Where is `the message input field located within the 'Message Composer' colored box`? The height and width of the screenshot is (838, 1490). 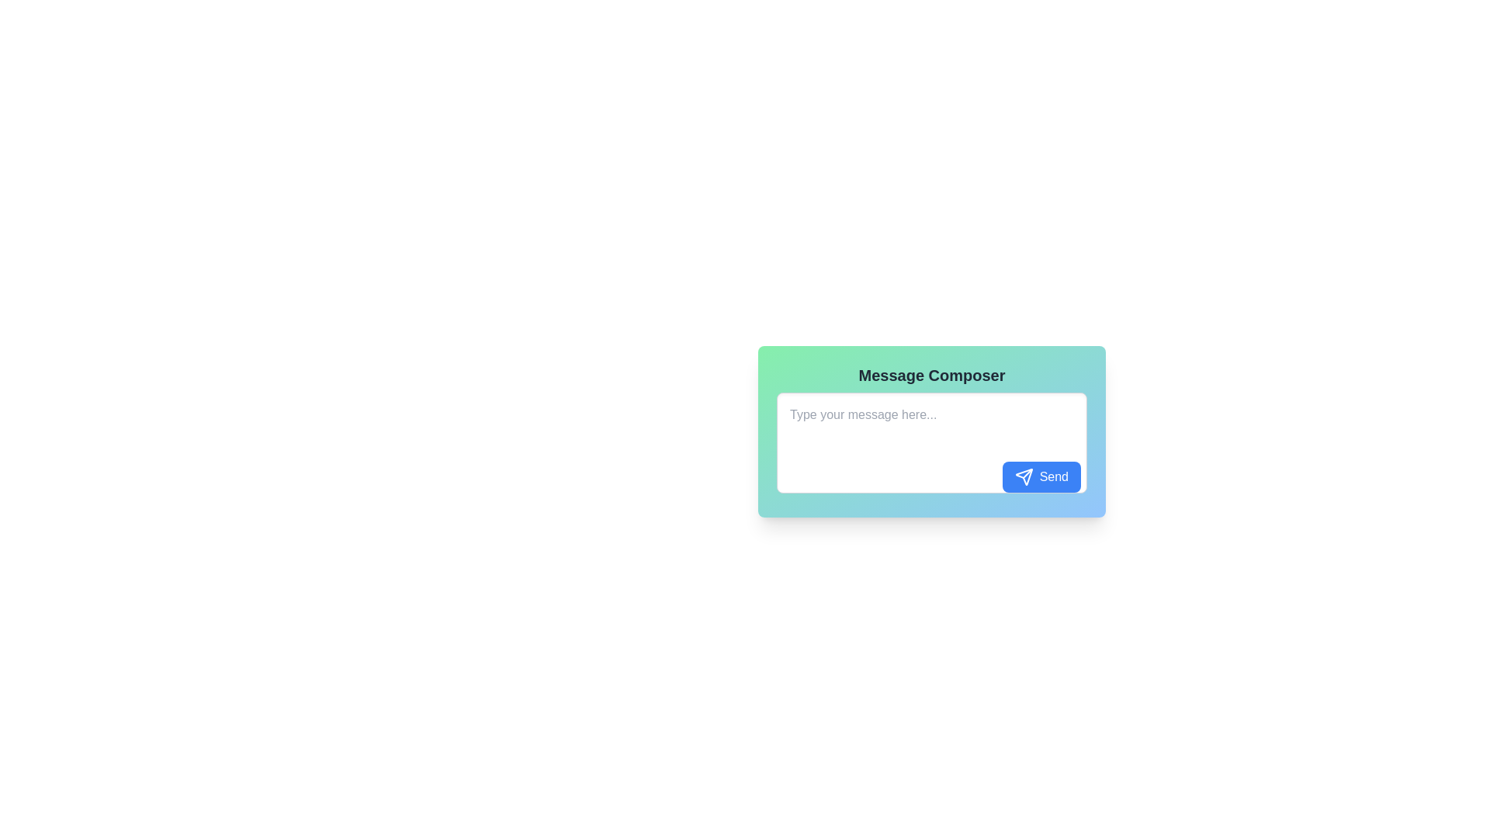
the message input field located within the 'Message Composer' colored box is located at coordinates (931, 445).